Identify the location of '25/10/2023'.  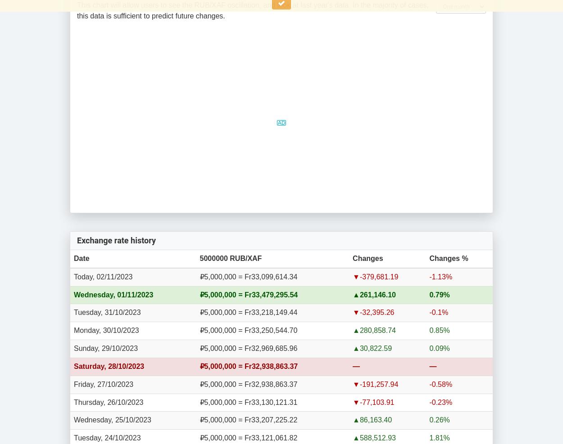
(133, 420).